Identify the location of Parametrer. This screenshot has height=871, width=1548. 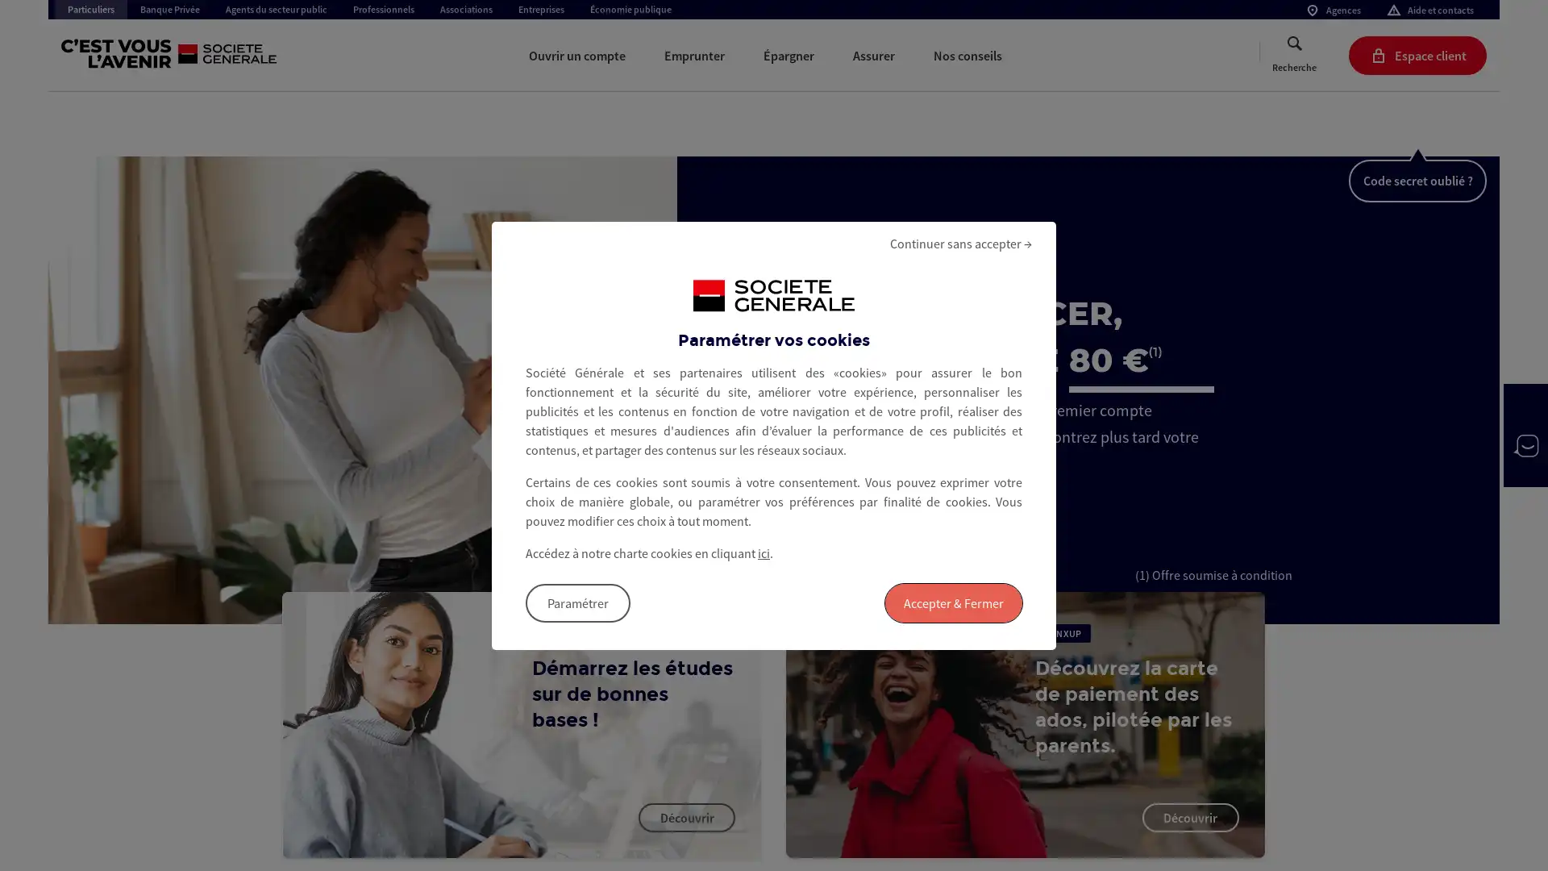
(577, 602).